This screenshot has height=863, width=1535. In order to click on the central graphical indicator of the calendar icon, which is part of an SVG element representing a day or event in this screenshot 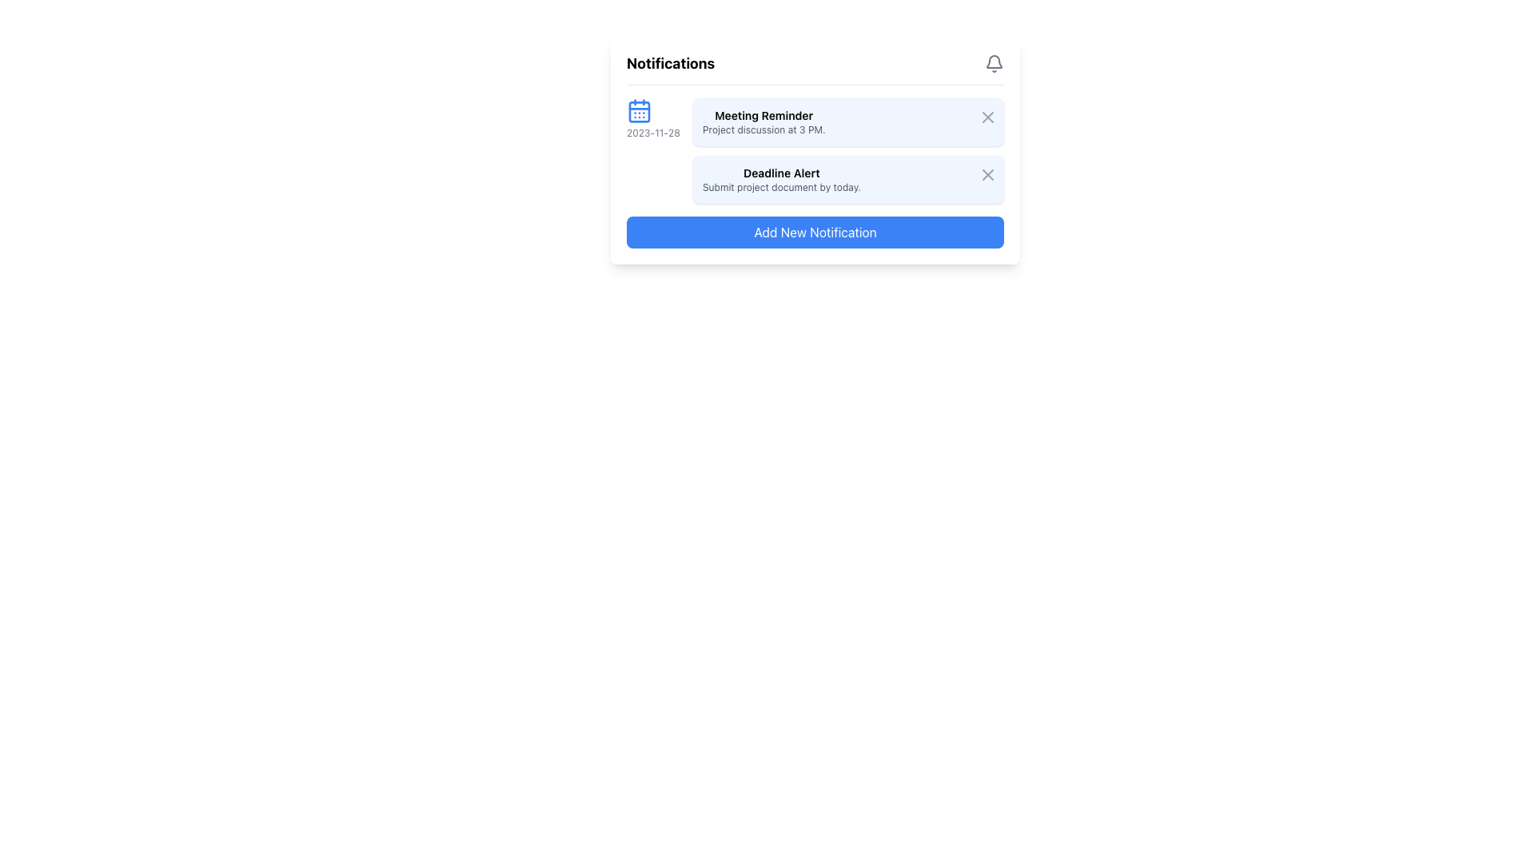, I will do `click(640, 110)`.